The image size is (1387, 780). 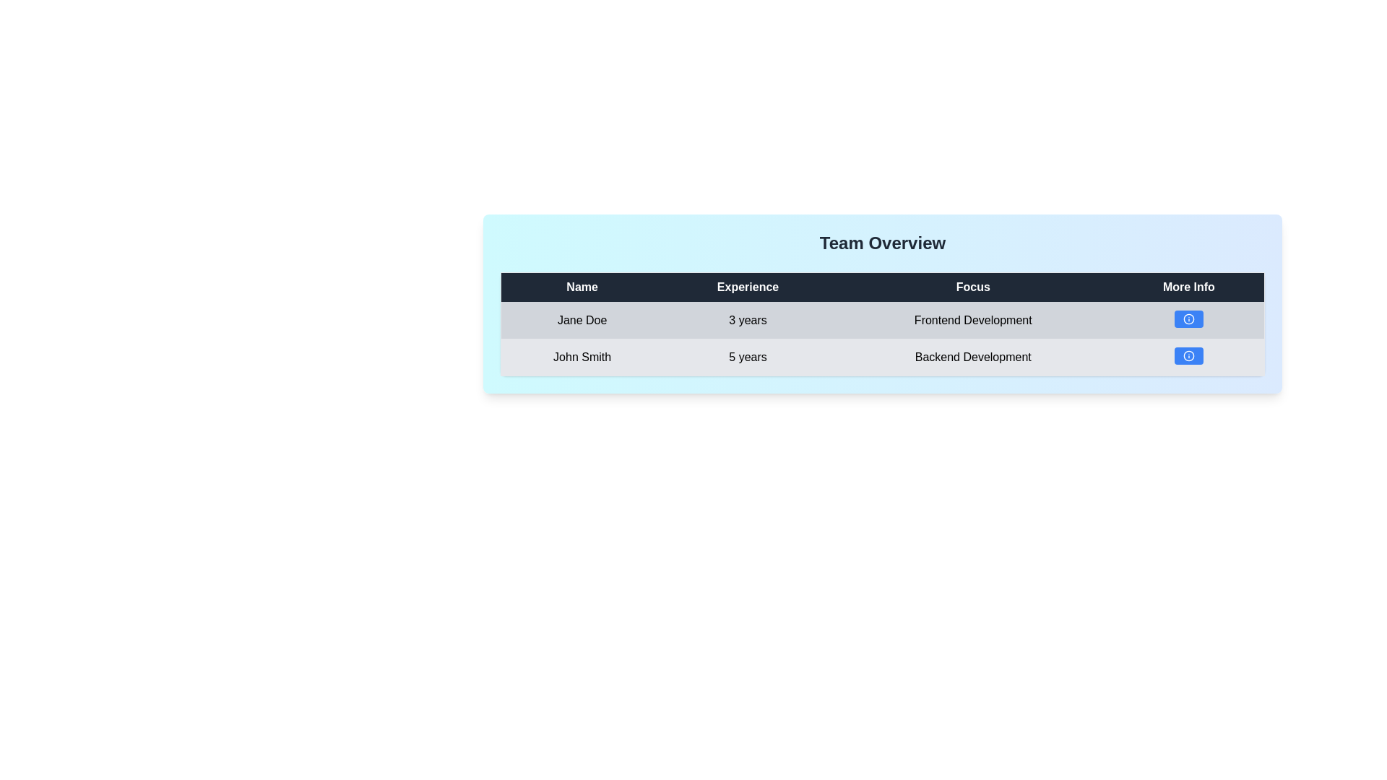 What do you see at coordinates (1188, 356) in the screenshot?
I see `the Icon button in the 'More Info' column of the table for 'John Smith' in the 'Backend Development' section` at bounding box center [1188, 356].